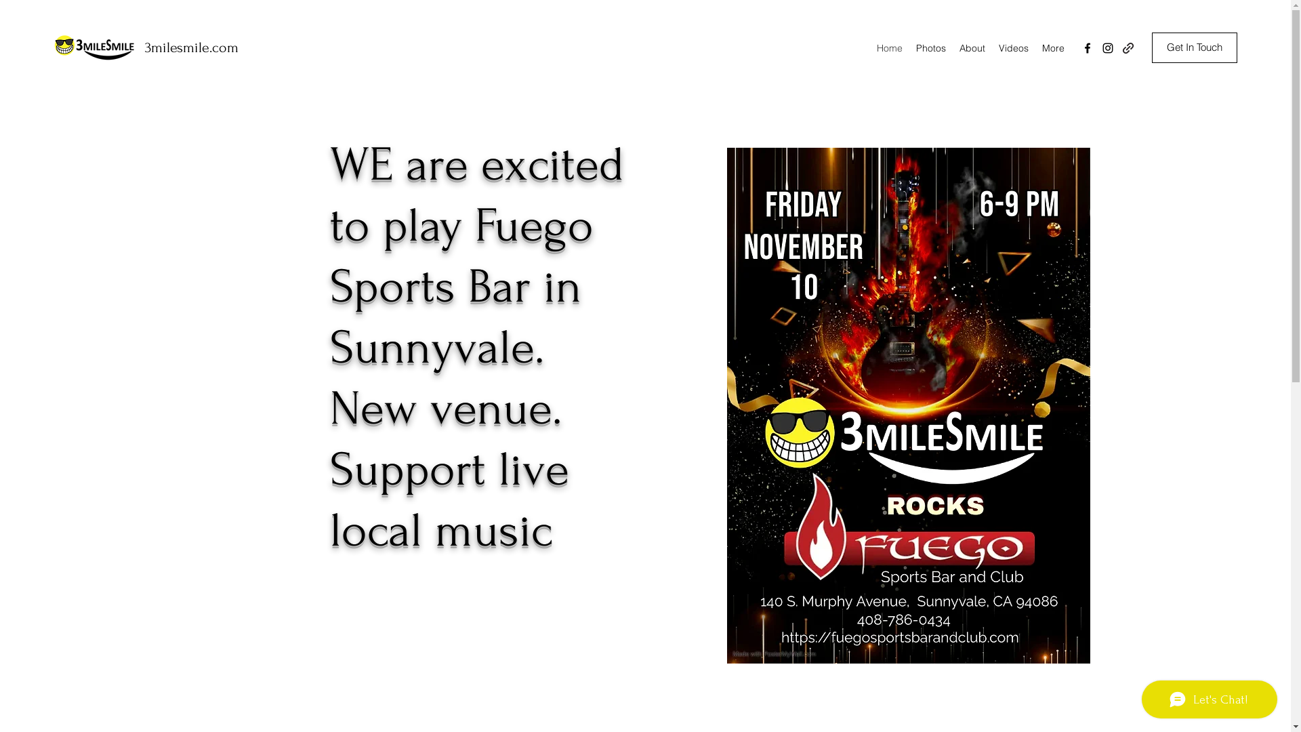  What do you see at coordinates (1194, 47) in the screenshot?
I see `'Get In Touch'` at bounding box center [1194, 47].